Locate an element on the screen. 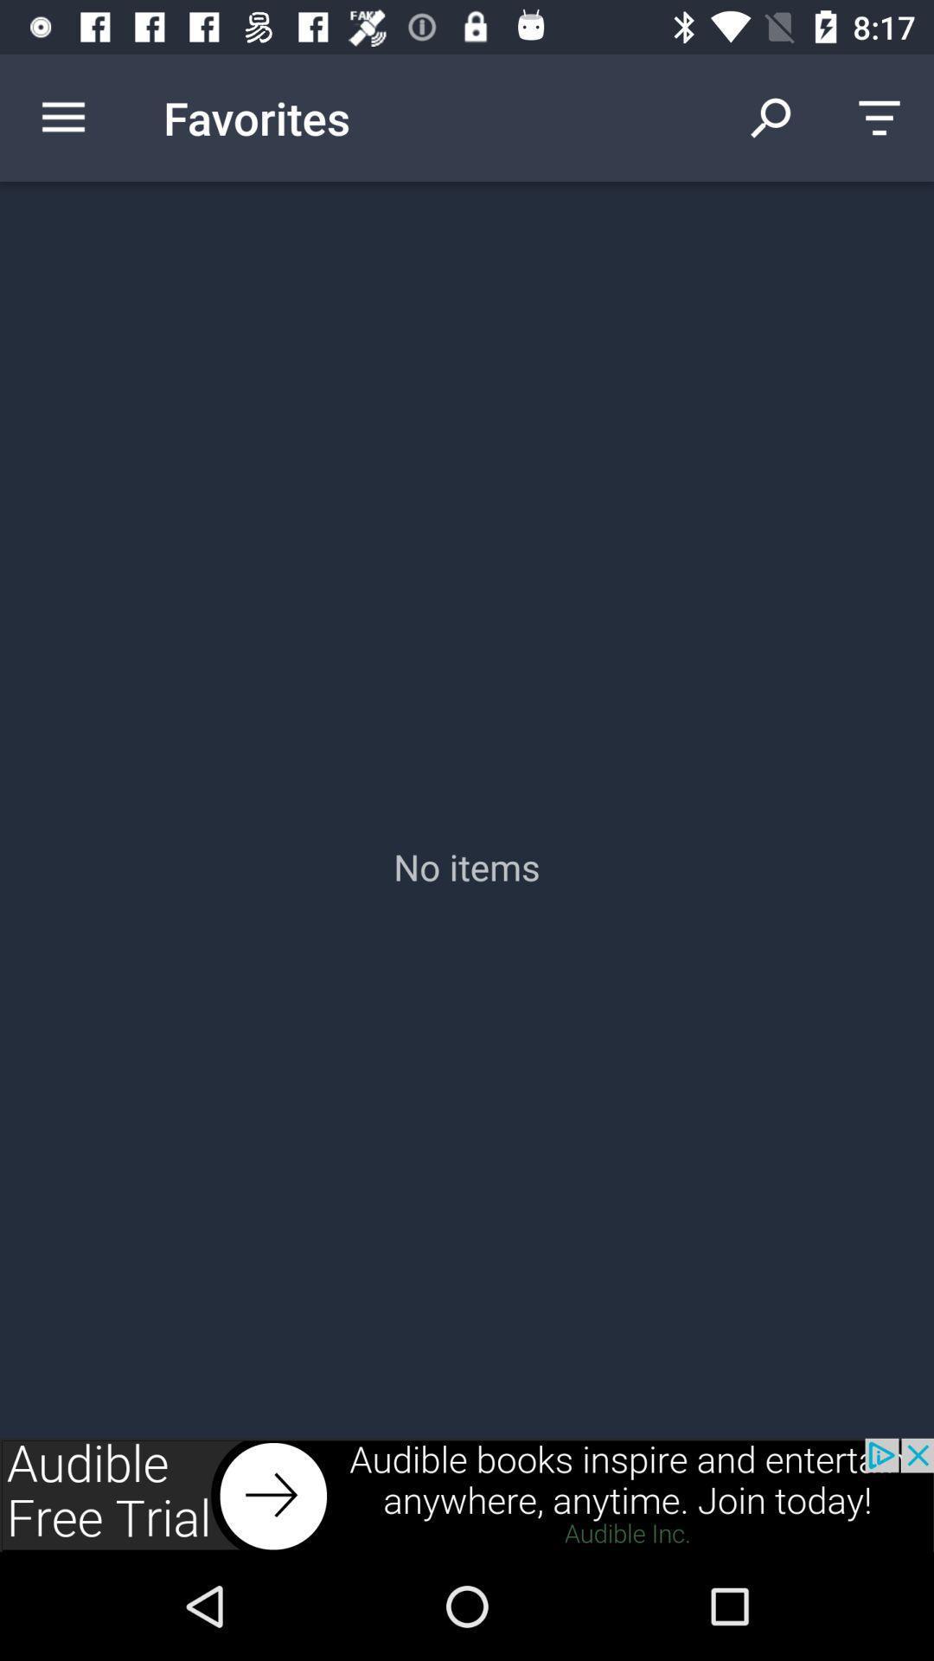 The width and height of the screenshot is (934, 1661). advertisement is located at coordinates (467, 1494).